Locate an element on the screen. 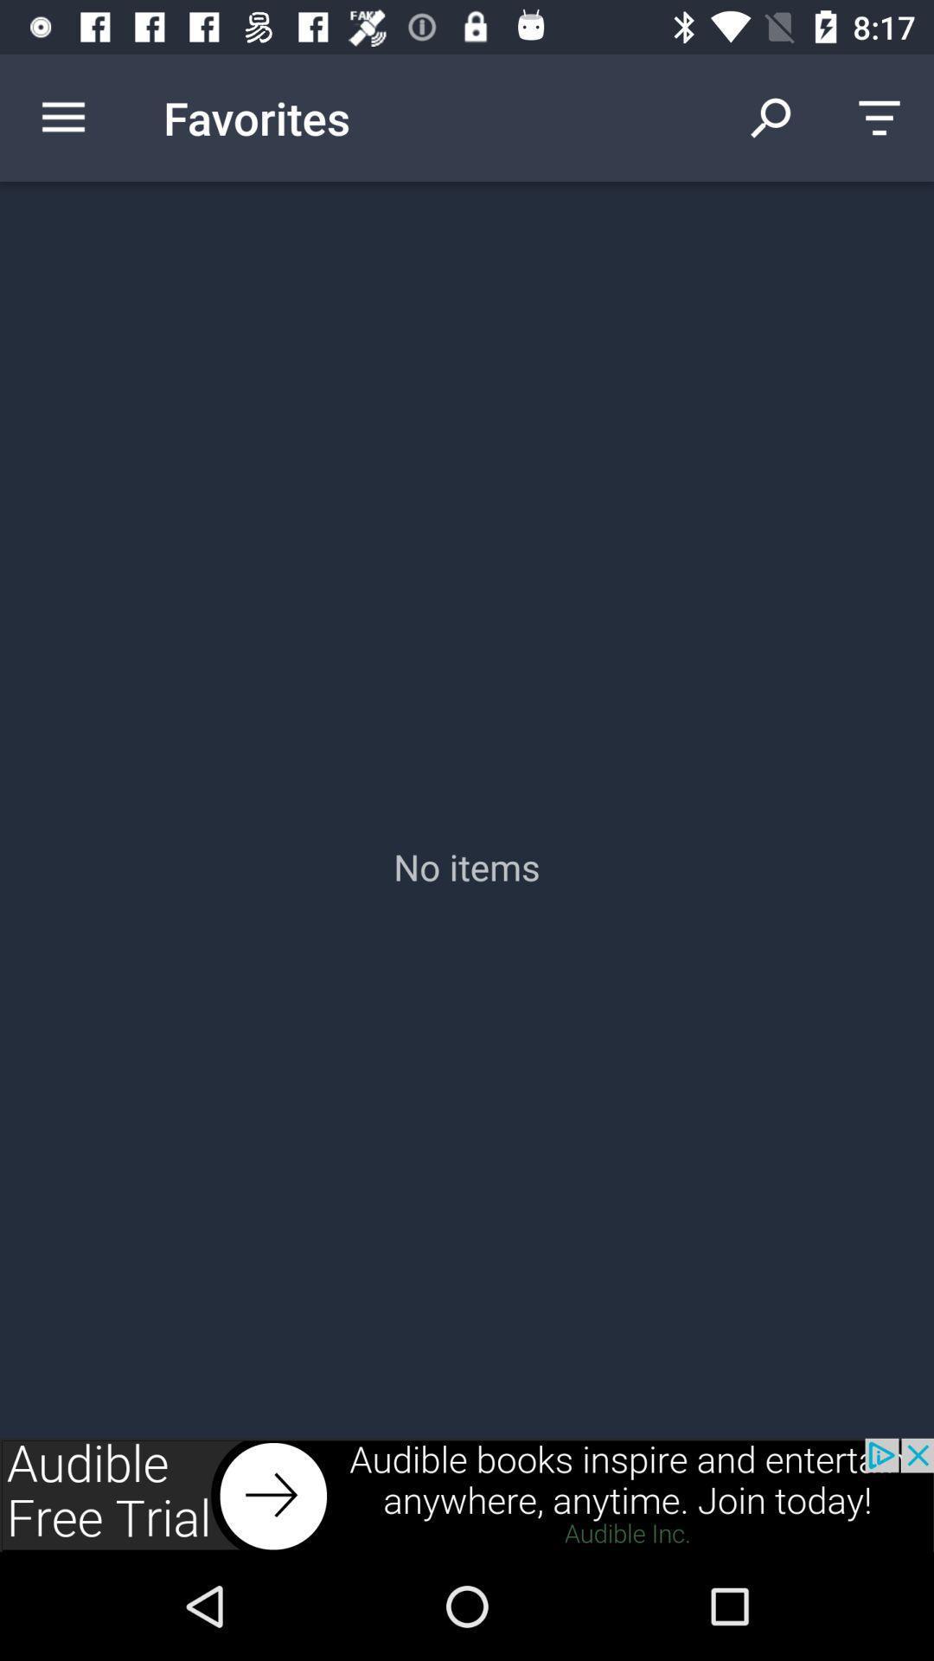 The width and height of the screenshot is (934, 1661). advertisement is located at coordinates (467, 1494).